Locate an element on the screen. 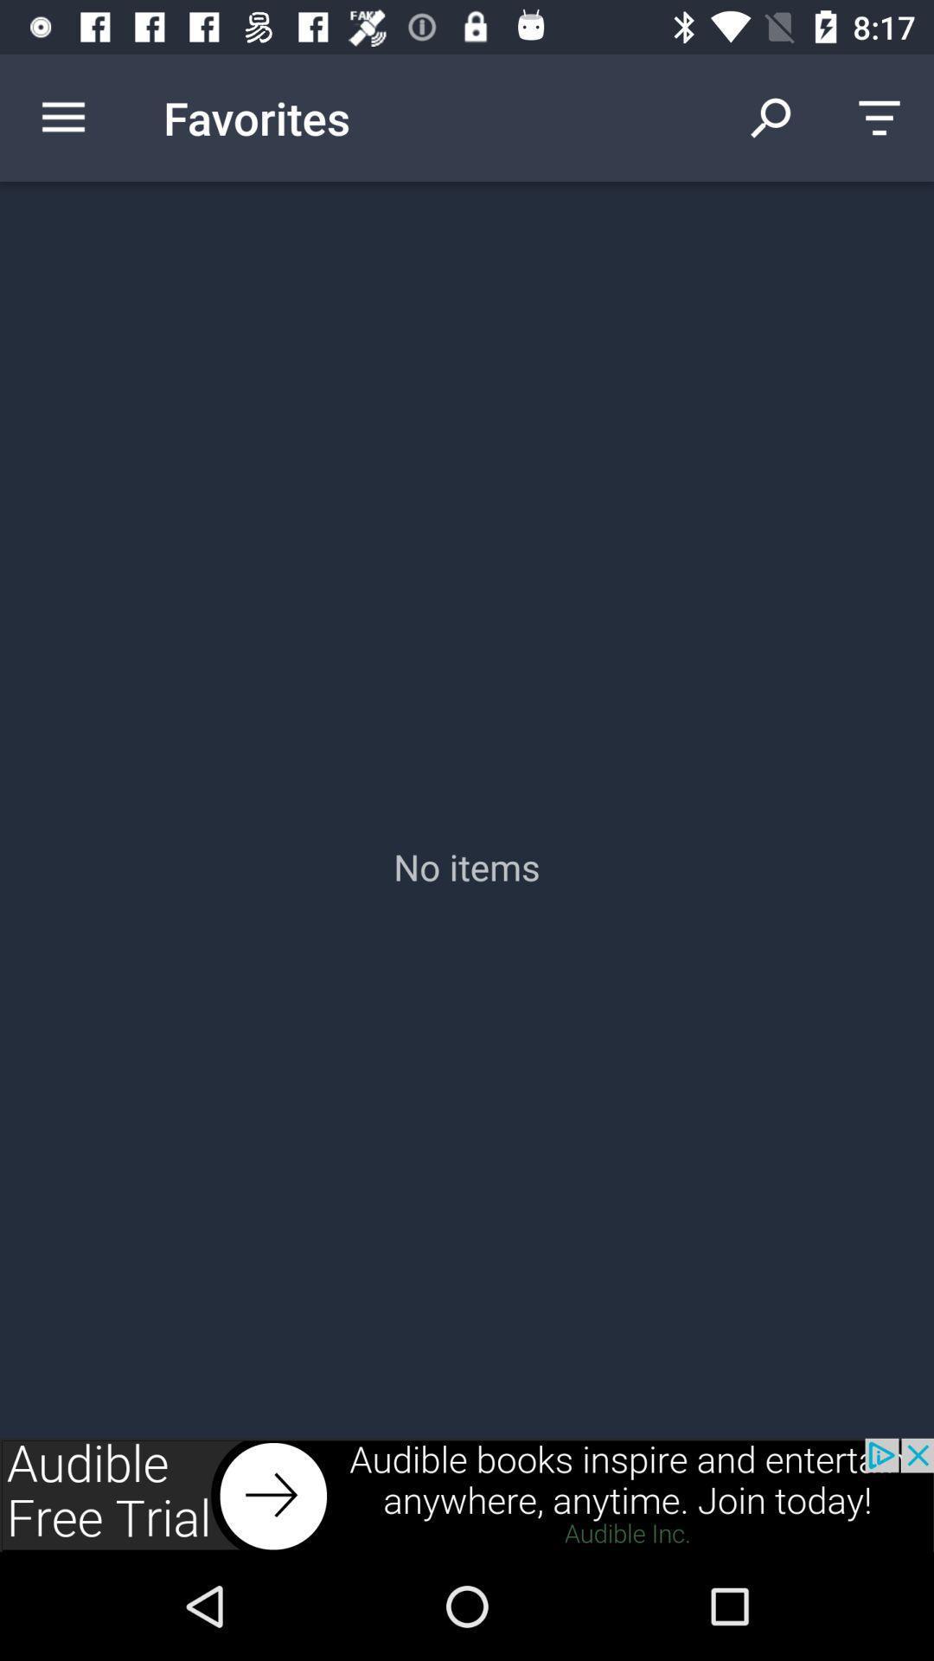 The width and height of the screenshot is (934, 1661). advertisement is located at coordinates (467, 1494).